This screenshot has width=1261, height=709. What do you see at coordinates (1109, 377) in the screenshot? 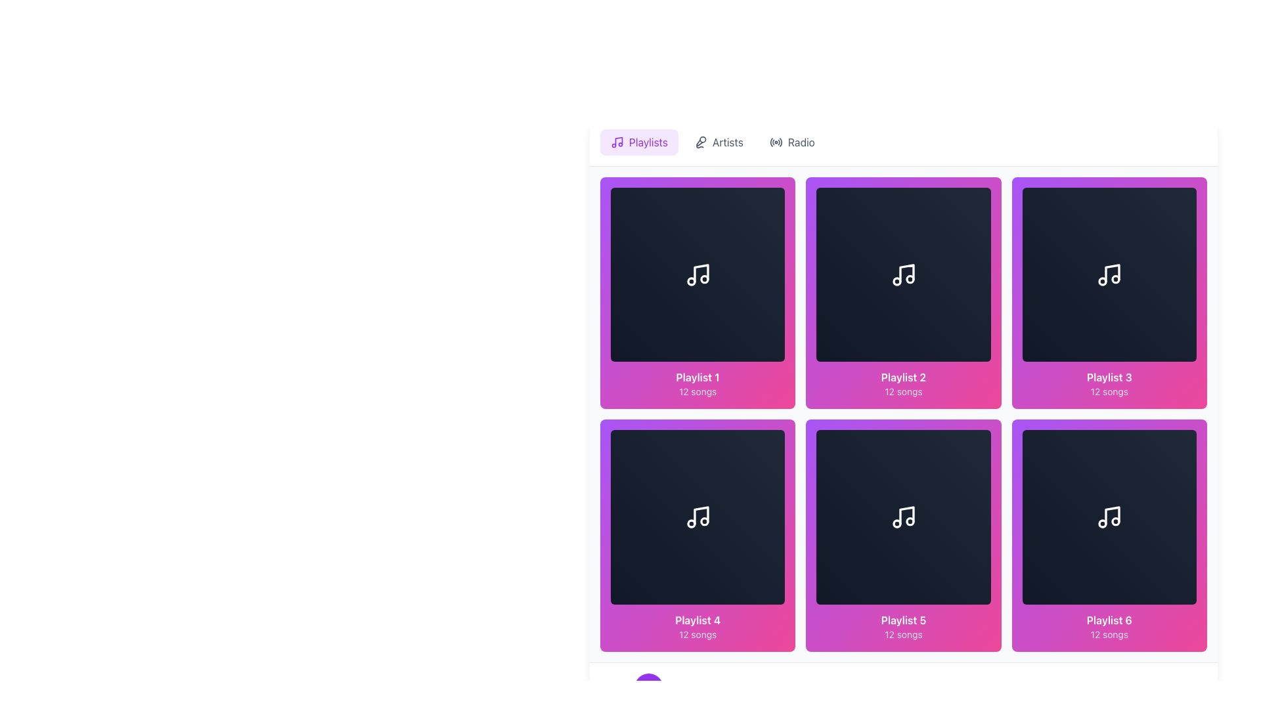
I see `the Text Label that serves as a title or label for the playlist displayed on the card, located at the bottom center of the card, which is the third card from the left in the first row` at bounding box center [1109, 377].